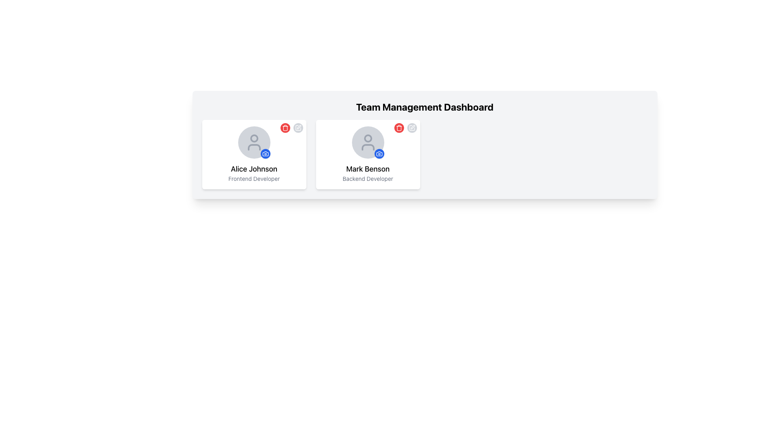 The height and width of the screenshot is (436, 775). I want to click on the text label displaying 'Mark Benson', which is the second text label in the profile card, positioned beneath the avatar icon and above the label 'Backend Developer', so click(367, 169).